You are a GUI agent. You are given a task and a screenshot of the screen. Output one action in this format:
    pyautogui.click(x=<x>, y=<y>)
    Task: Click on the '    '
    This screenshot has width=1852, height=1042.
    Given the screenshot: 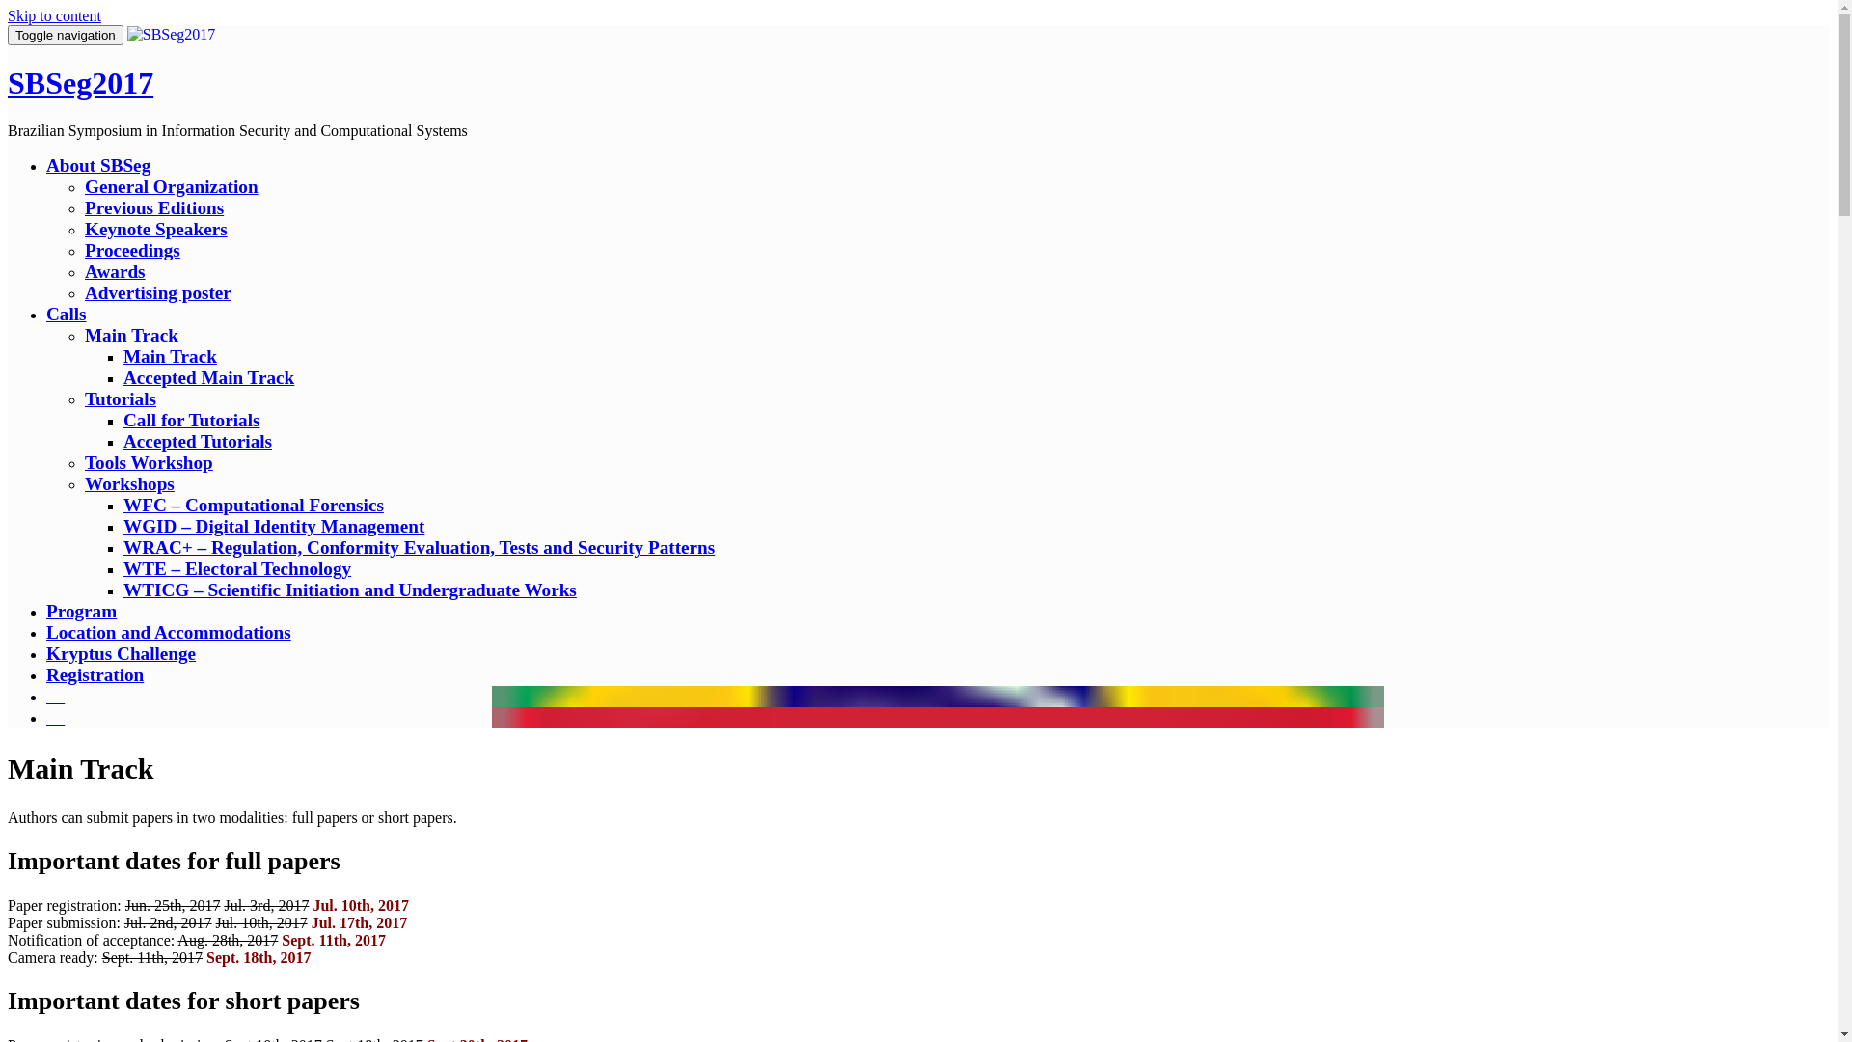 What is the action you would take?
    pyautogui.click(x=55, y=717)
    